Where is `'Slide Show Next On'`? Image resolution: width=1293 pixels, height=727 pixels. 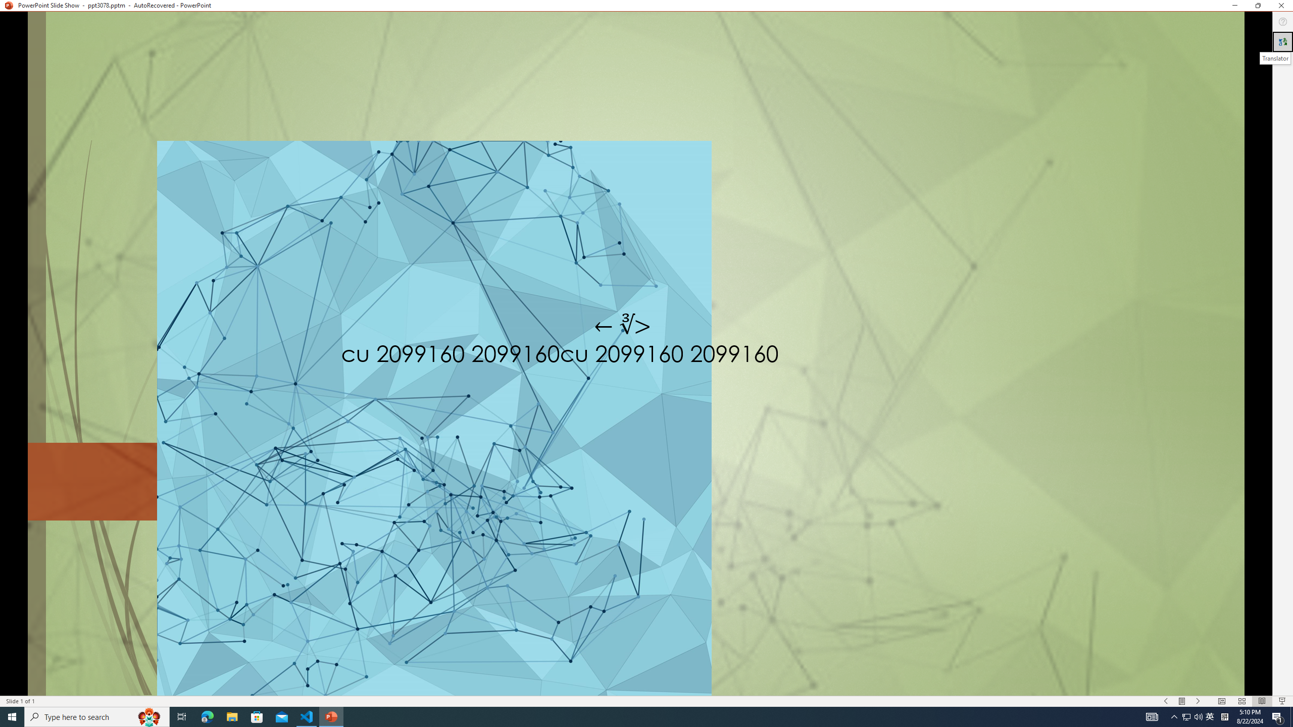 'Slide Show Next On' is located at coordinates (1198, 701).